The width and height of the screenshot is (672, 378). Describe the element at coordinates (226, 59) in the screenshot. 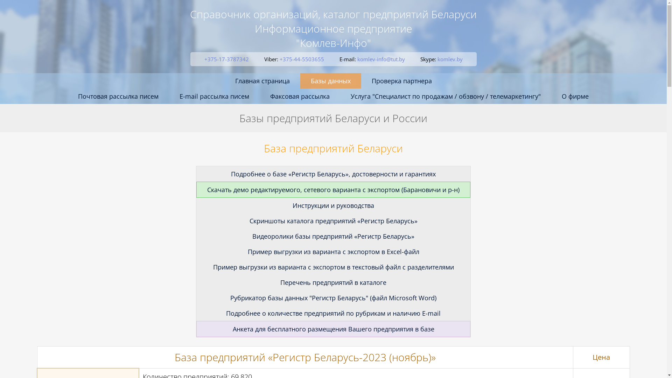

I see `'+375-17-3787342'` at that location.